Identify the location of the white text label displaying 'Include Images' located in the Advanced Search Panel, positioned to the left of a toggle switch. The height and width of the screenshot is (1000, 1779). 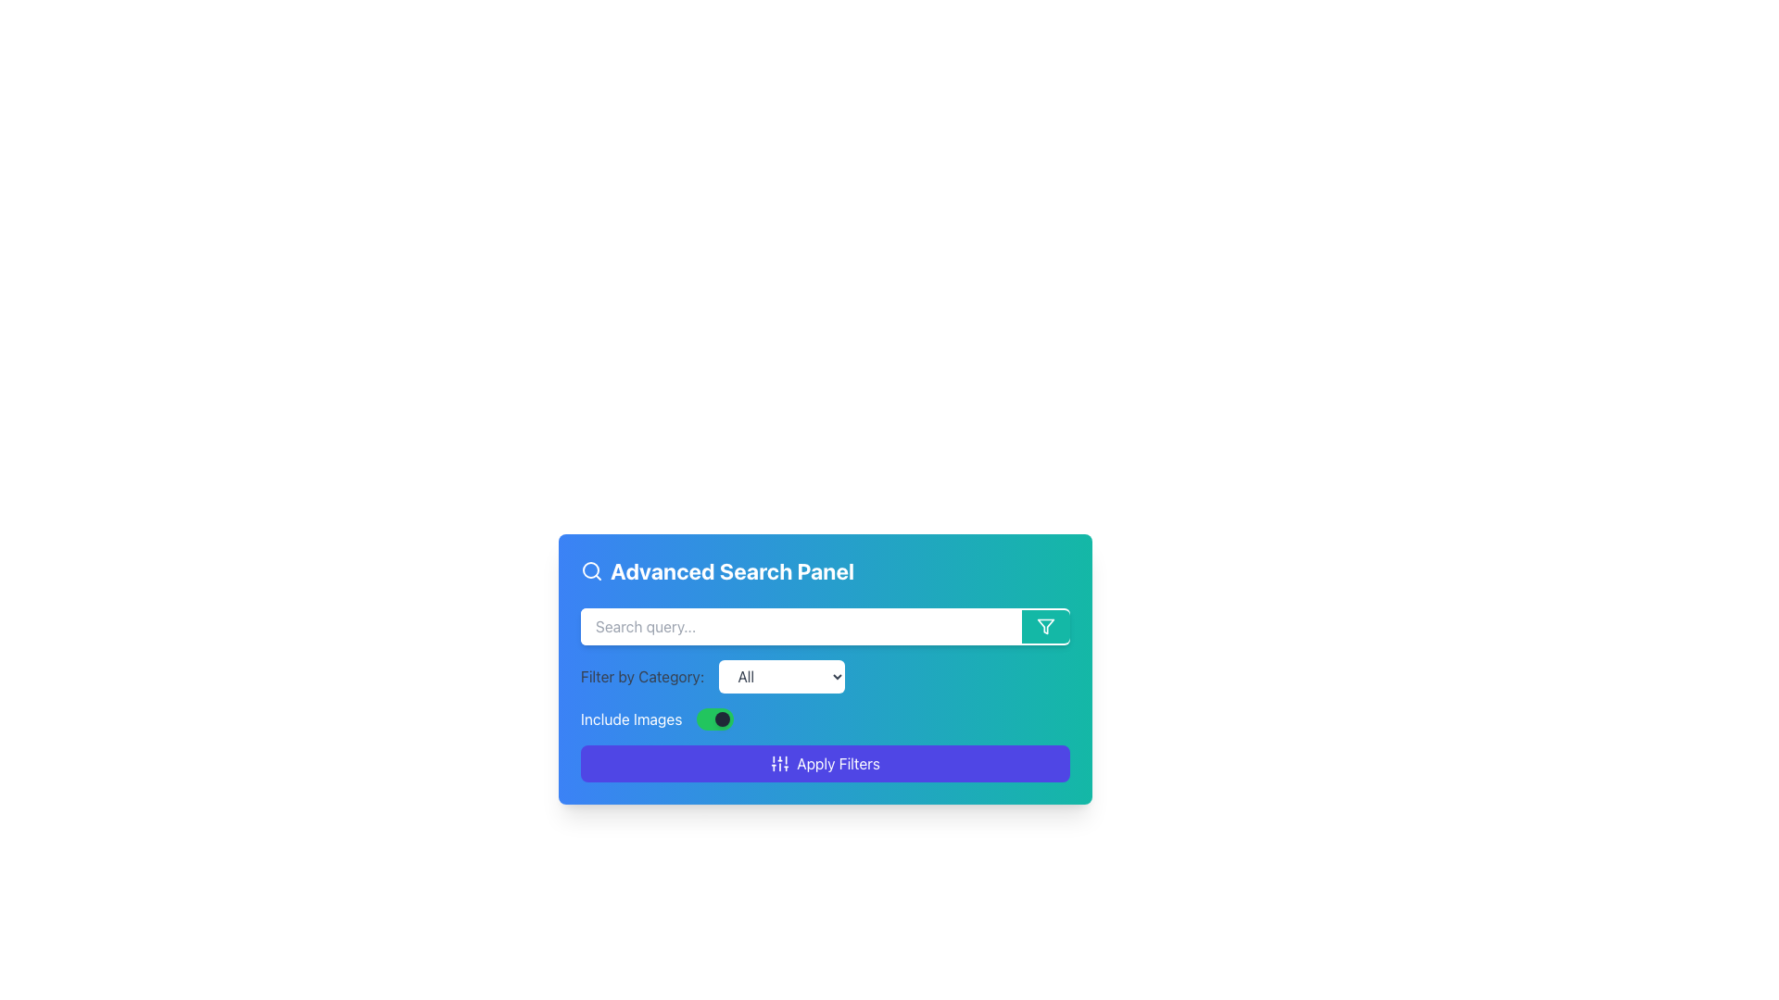
(631, 718).